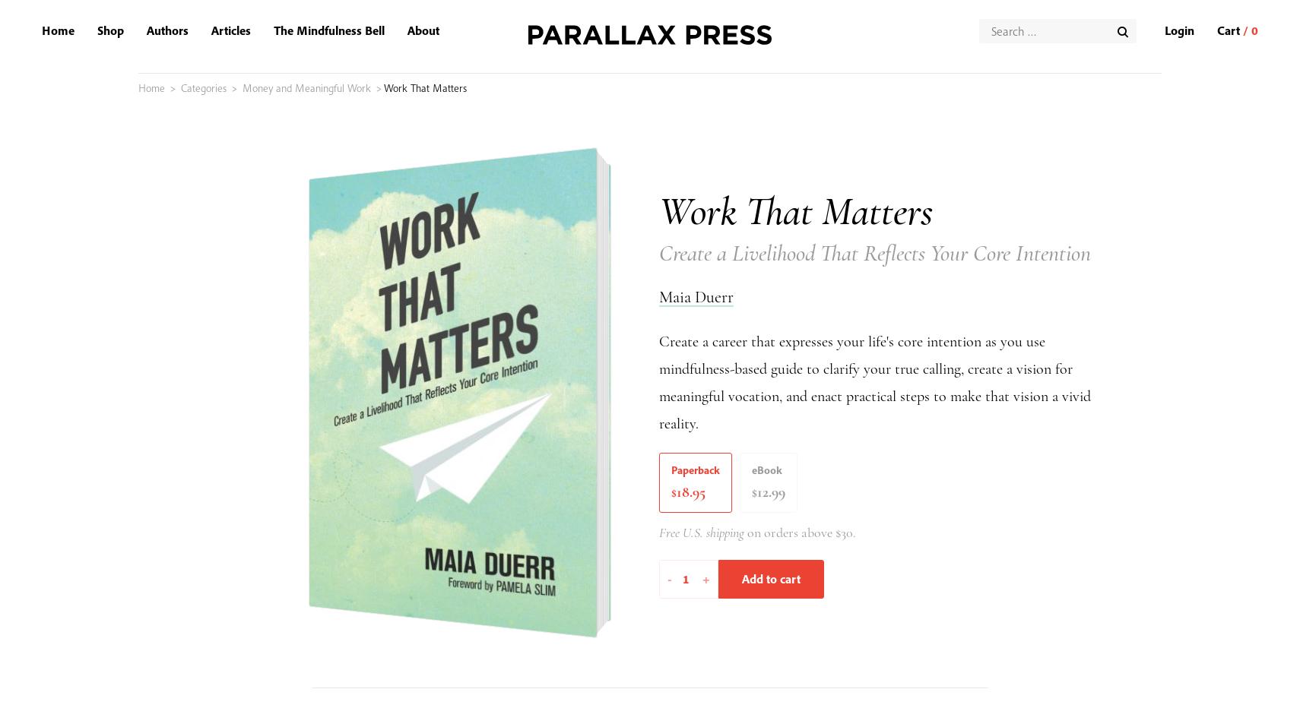  Describe the element at coordinates (804, 264) in the screenshot. I see `'Work'` at that location.